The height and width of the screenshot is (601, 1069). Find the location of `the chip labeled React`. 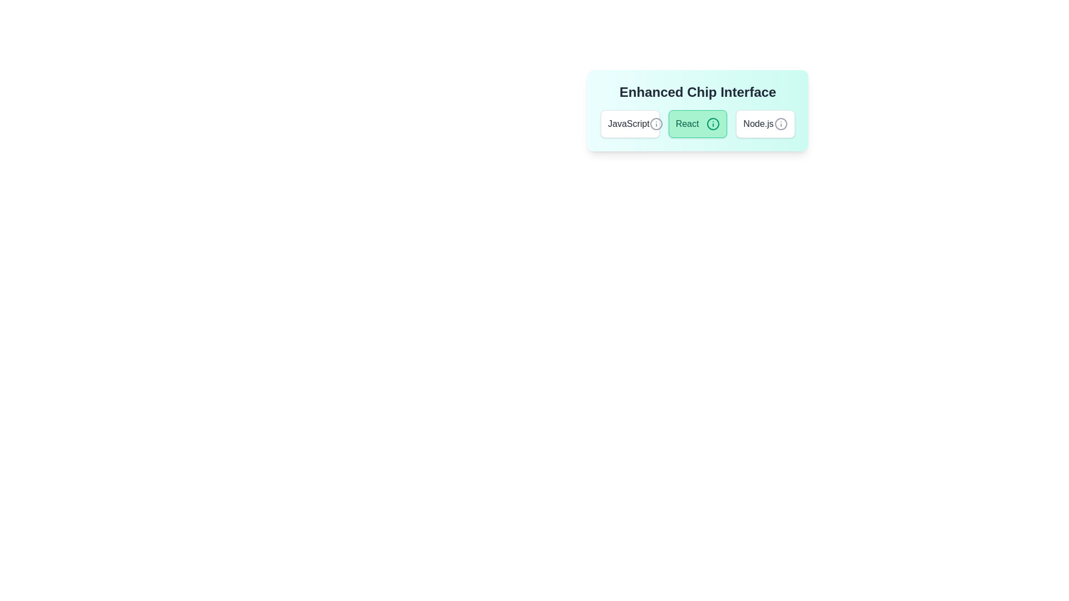

the chip labeled React is located at coordinates (697, 124).